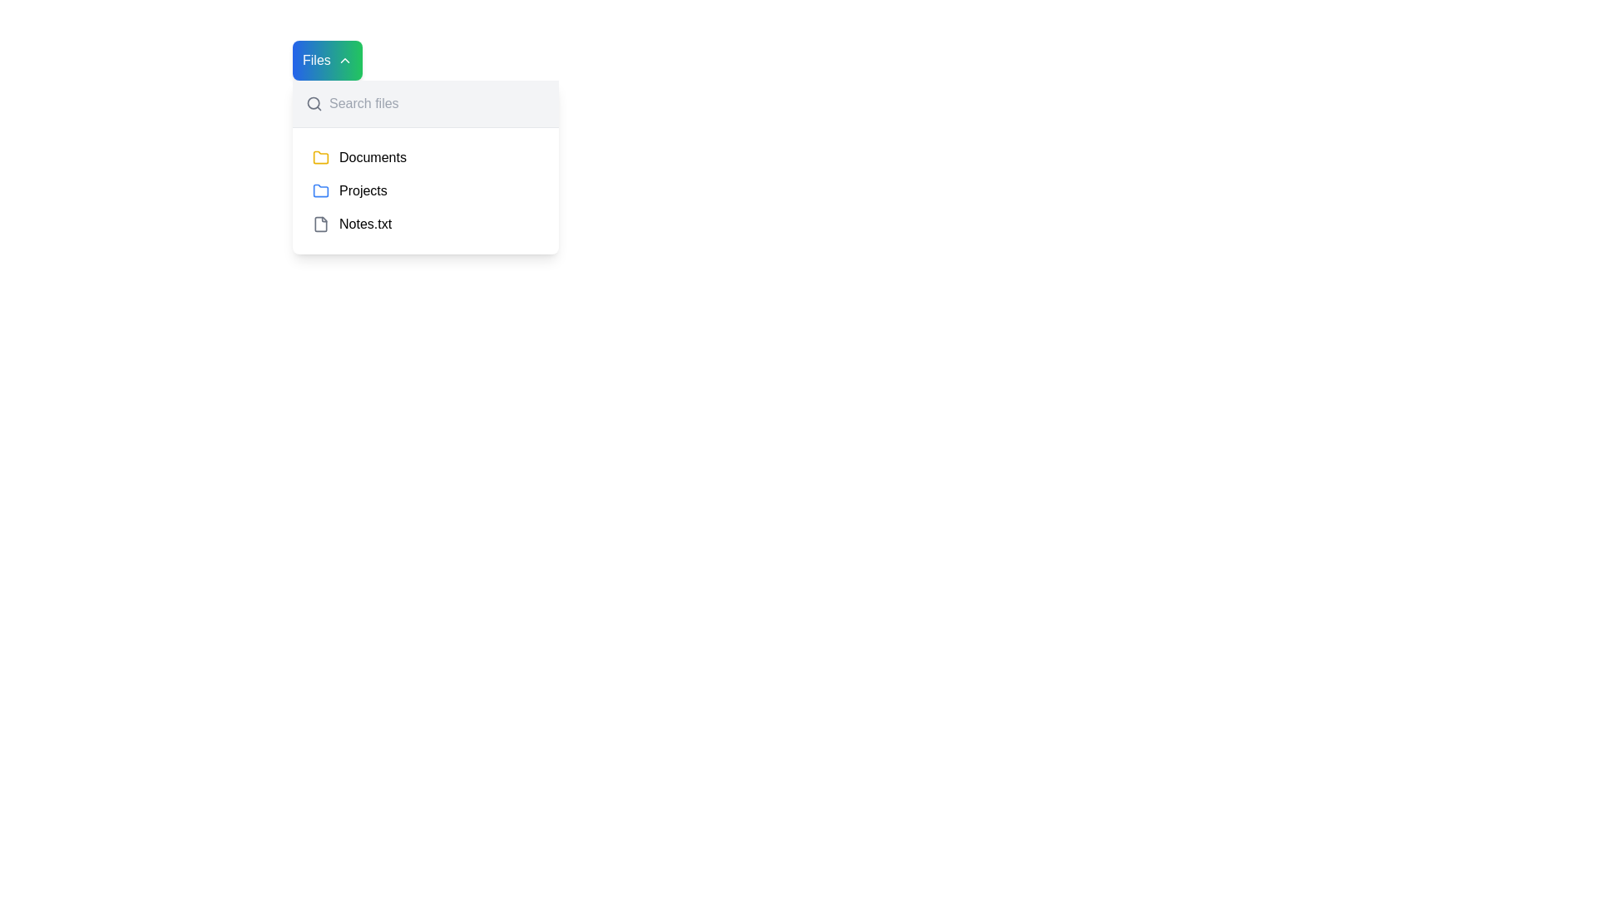 The height and width of the screenshot is (898, 1597). What do you see at coordinates (426, 157) in the screenshot?
I see `the first list item in the dropdown under the 'Files' menu` at bounding box center [426, 157].